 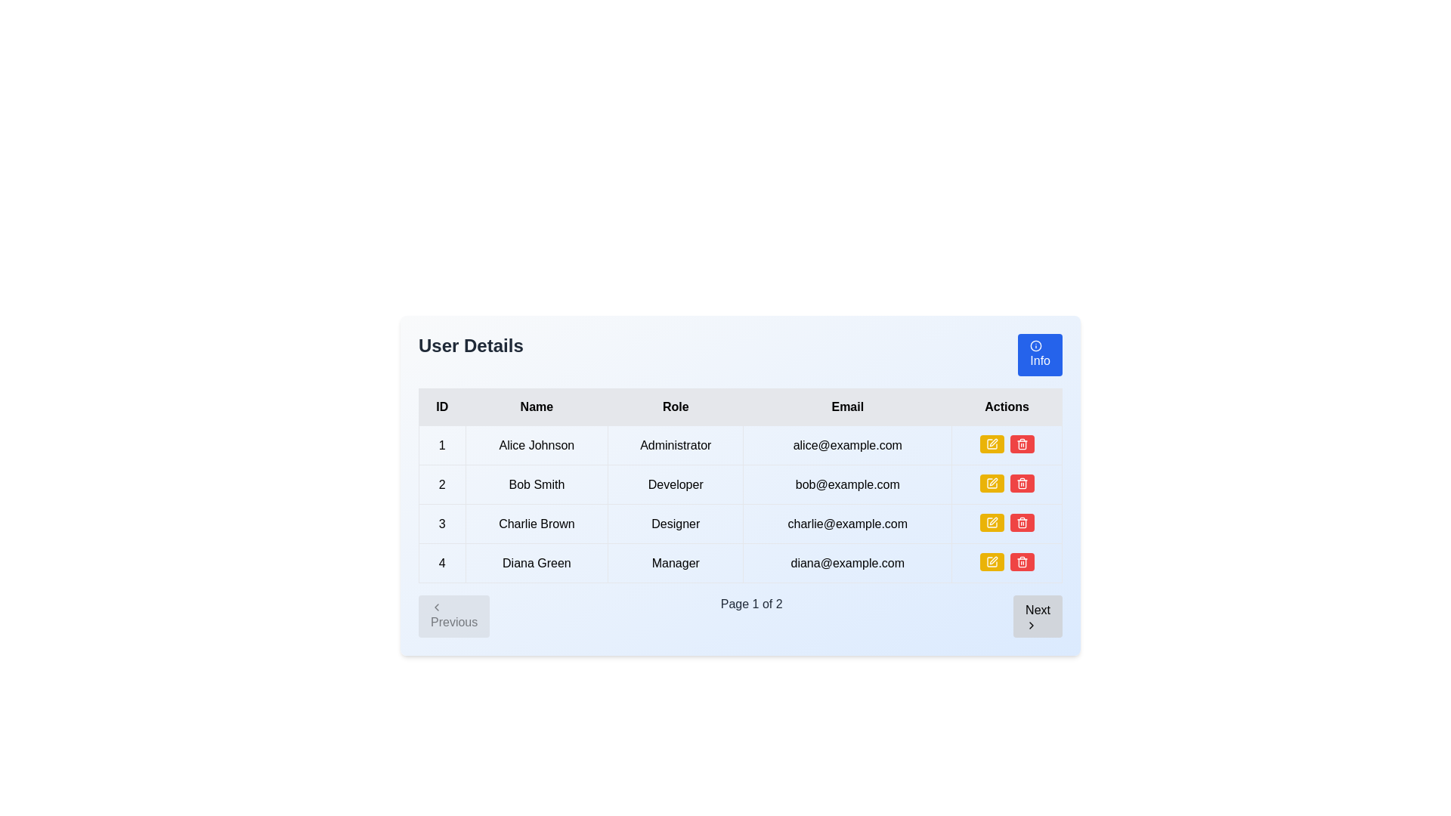 What do you see at coordinates (1022, 562) in the screenshot?
I see `the delete button located in the 'Actions' column of the fourth row of the user detail table` at bounding box center [1022, 562].